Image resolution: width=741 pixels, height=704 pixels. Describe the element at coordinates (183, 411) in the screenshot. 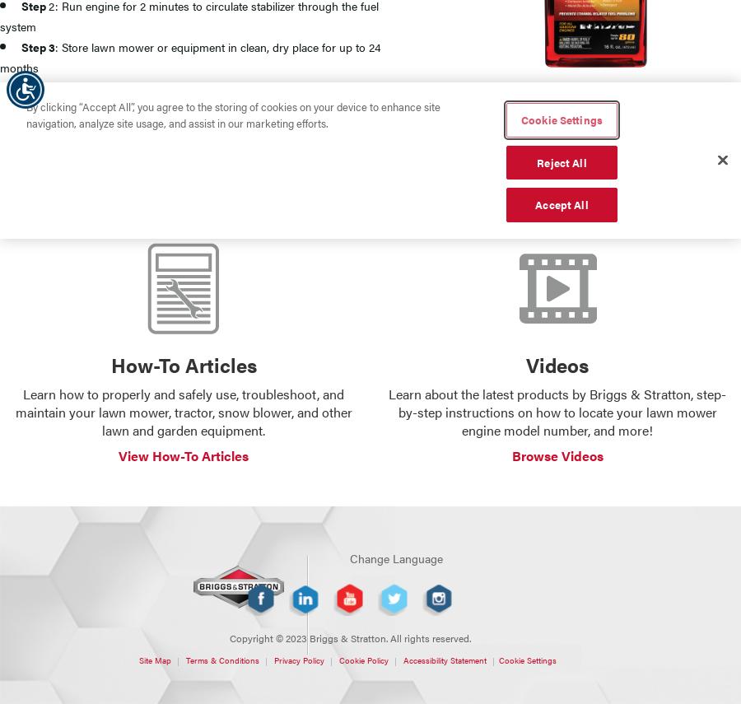

I see `'Learn how to properly and safely use, troubleshoot, and maintain your lawn mower, tractor, snow blower, and other lawn and garden equipment.'` at that location.